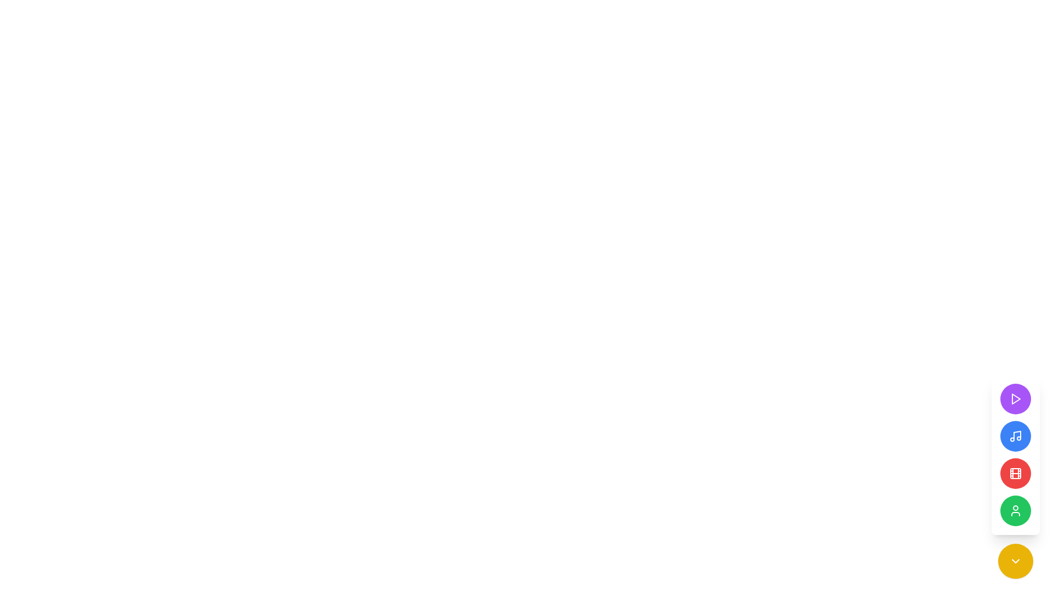 This screenshot has height=592, width=1053. I want to click on the circular red button with a white-bordered film strip icon, located below the blue musical note button and above the green user profile button, so click(1015, 473).